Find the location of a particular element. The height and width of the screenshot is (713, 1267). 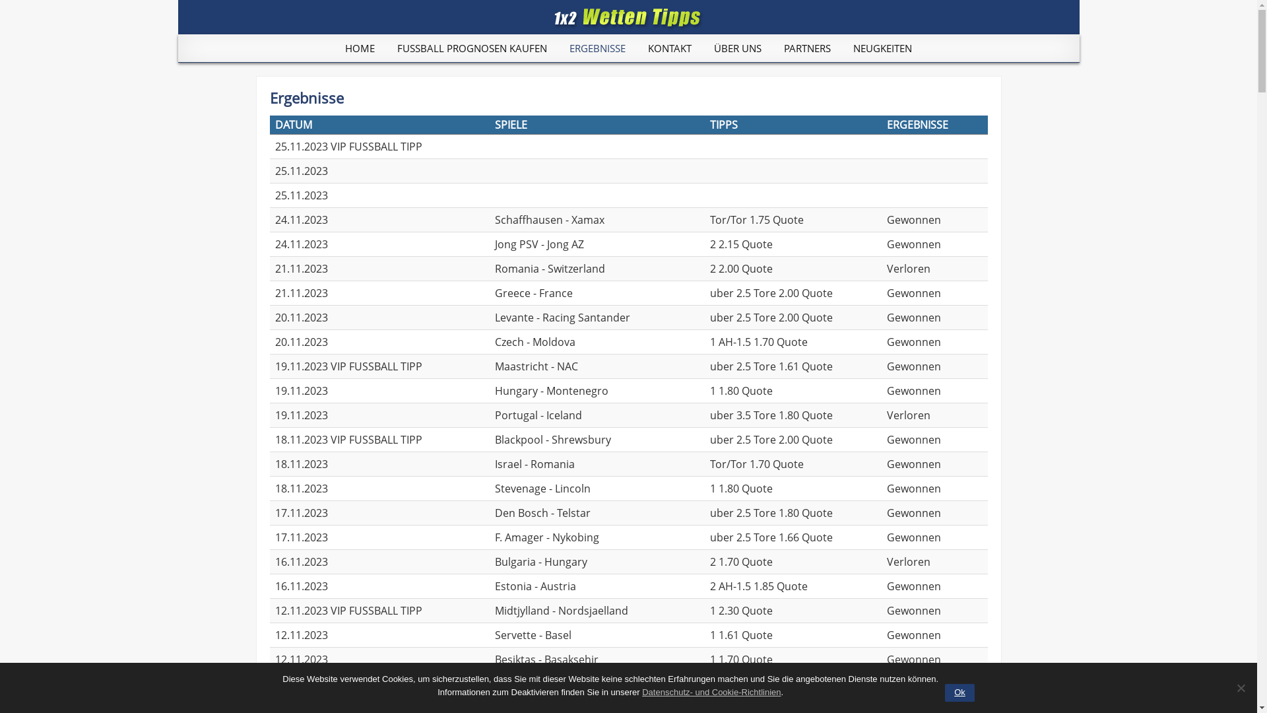

'Datenschutz- und Cookie-Richtlinien' is located at coordinates (711, 691).